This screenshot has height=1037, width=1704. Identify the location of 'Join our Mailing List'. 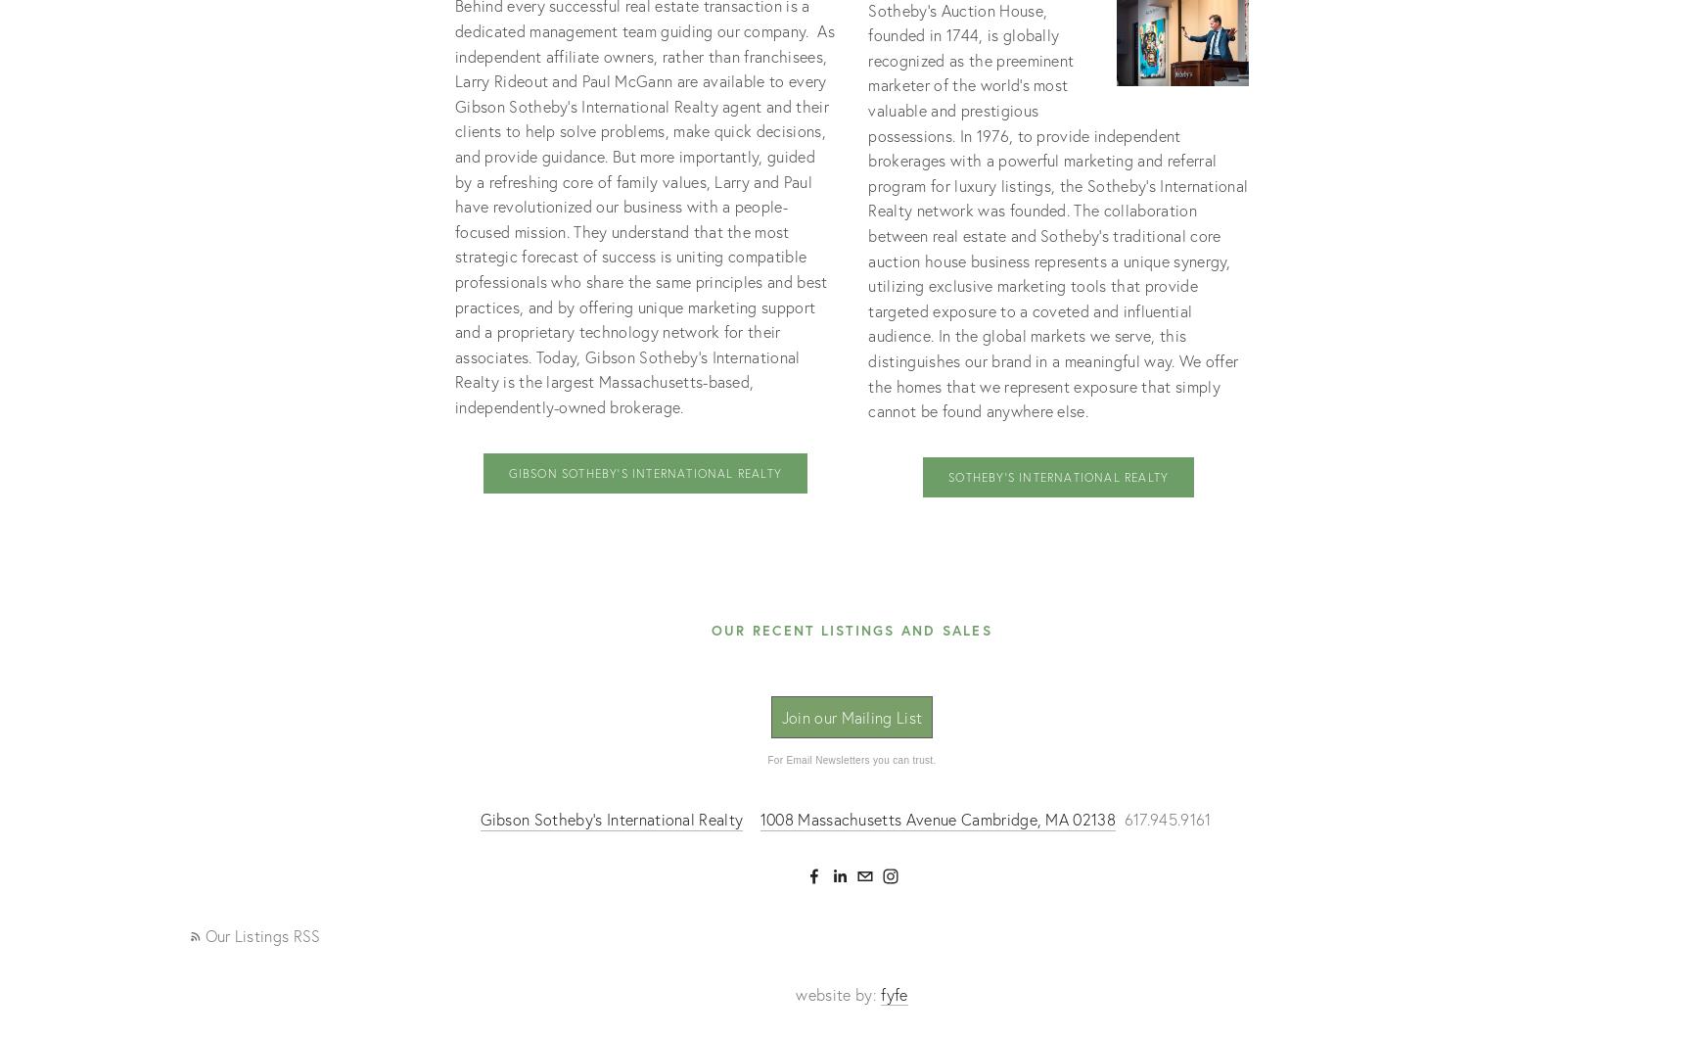
(850, 716).